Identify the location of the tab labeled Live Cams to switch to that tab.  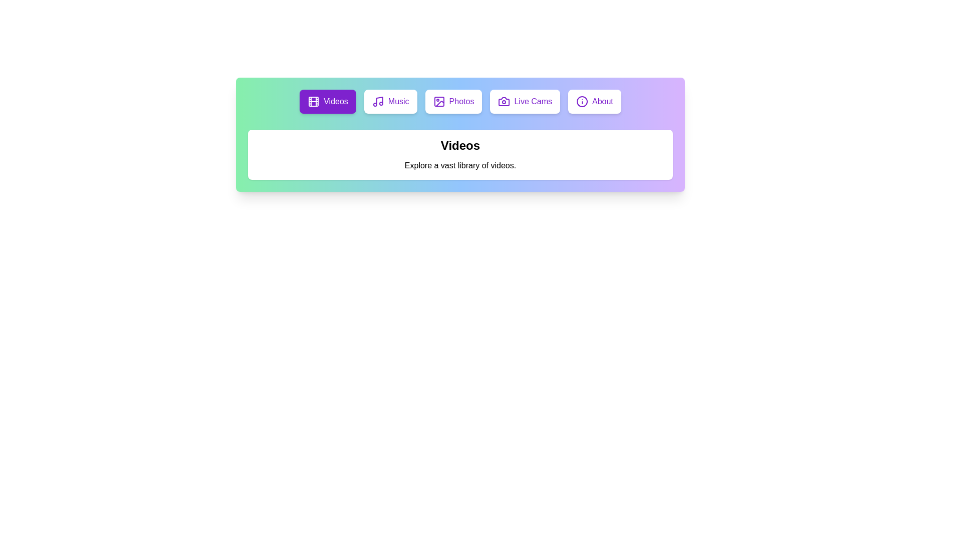
(525, 102).